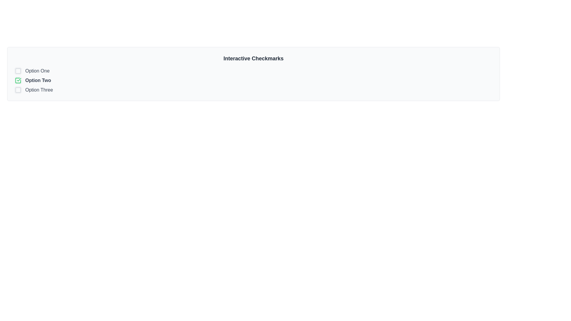 The image size is (571, 321). What do you see at coordinates (18, 71) in the screenshot?
I see `the icon located to the left of the text 'Option One' at the top of the vertical list` at bounding box center [18, 71].